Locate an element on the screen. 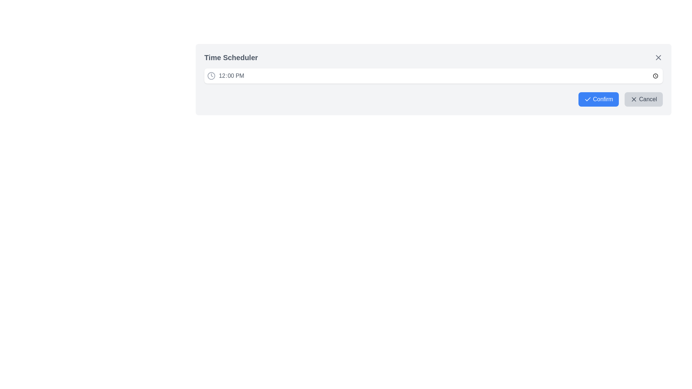 Image resolution: width=692 pixels, height=389 pixels. the cancel icon, which is represented by an 'X' symbol and is located within the 'Cancel' button at the bottom-right corner of the modal UI is located at coordinates (634, 99).